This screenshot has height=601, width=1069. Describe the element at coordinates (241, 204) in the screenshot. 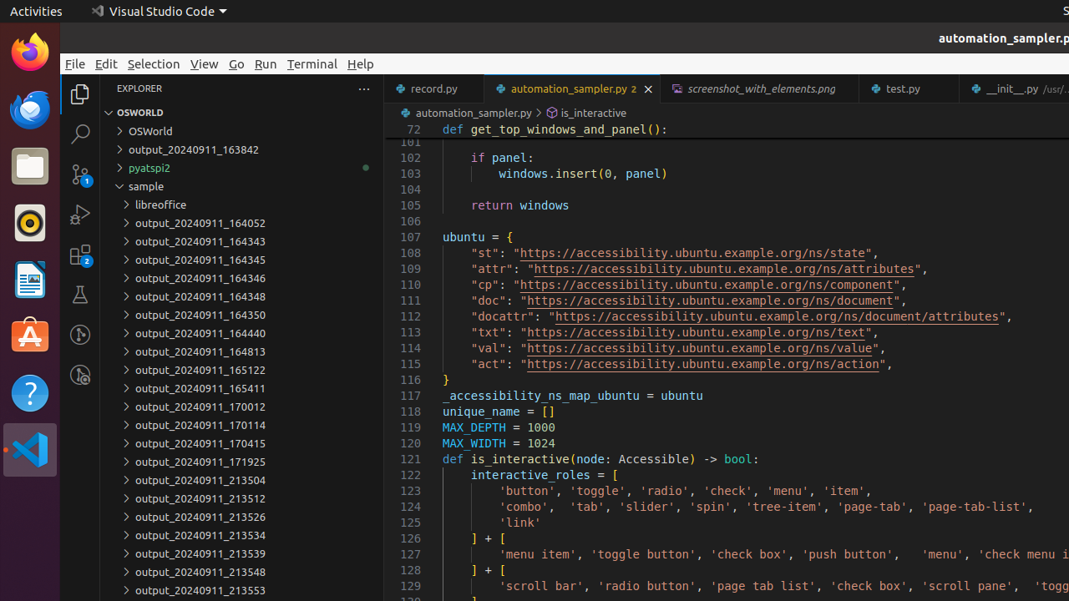

I see `'libreoffice'` at that location.